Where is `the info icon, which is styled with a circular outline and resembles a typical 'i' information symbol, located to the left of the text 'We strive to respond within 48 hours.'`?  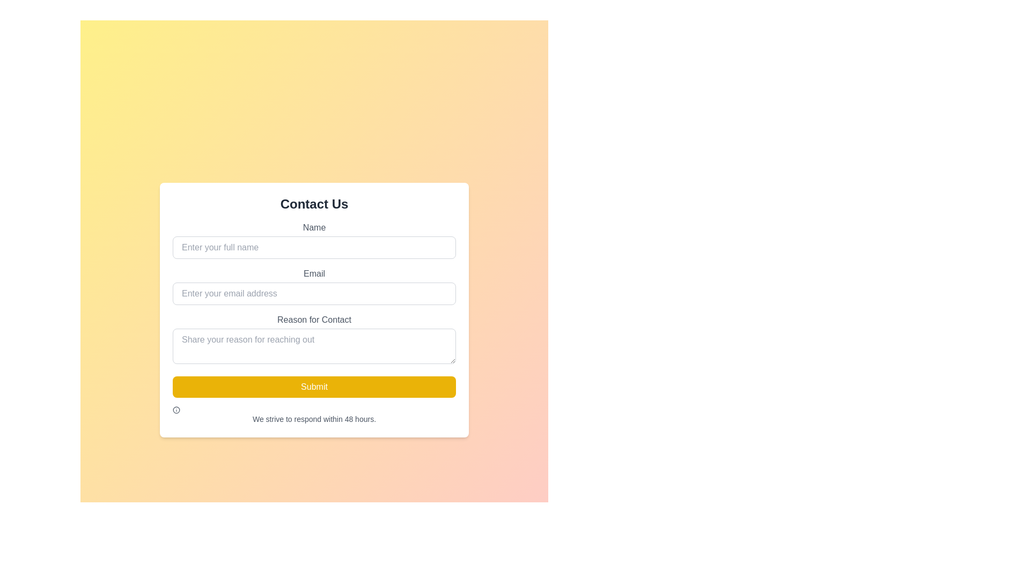
the info icon, which is styled with a circular outline and resembles a typical 'i' information symbol, located to the left of the text 'We strive to respond within 48 hours.' is located at coordinates (176, 410).